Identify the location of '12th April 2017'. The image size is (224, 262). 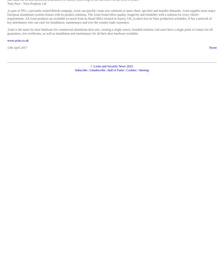
(7, 48).